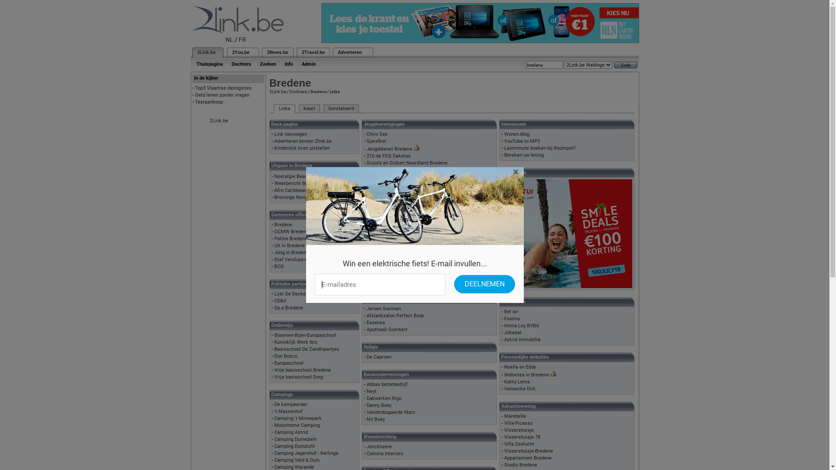 The width and height of the screenshot is (836, 470). What do you see at coordinates (219, 121) in the screenshot?
I see `'2Link.be'` at bounding box center [219, 121].